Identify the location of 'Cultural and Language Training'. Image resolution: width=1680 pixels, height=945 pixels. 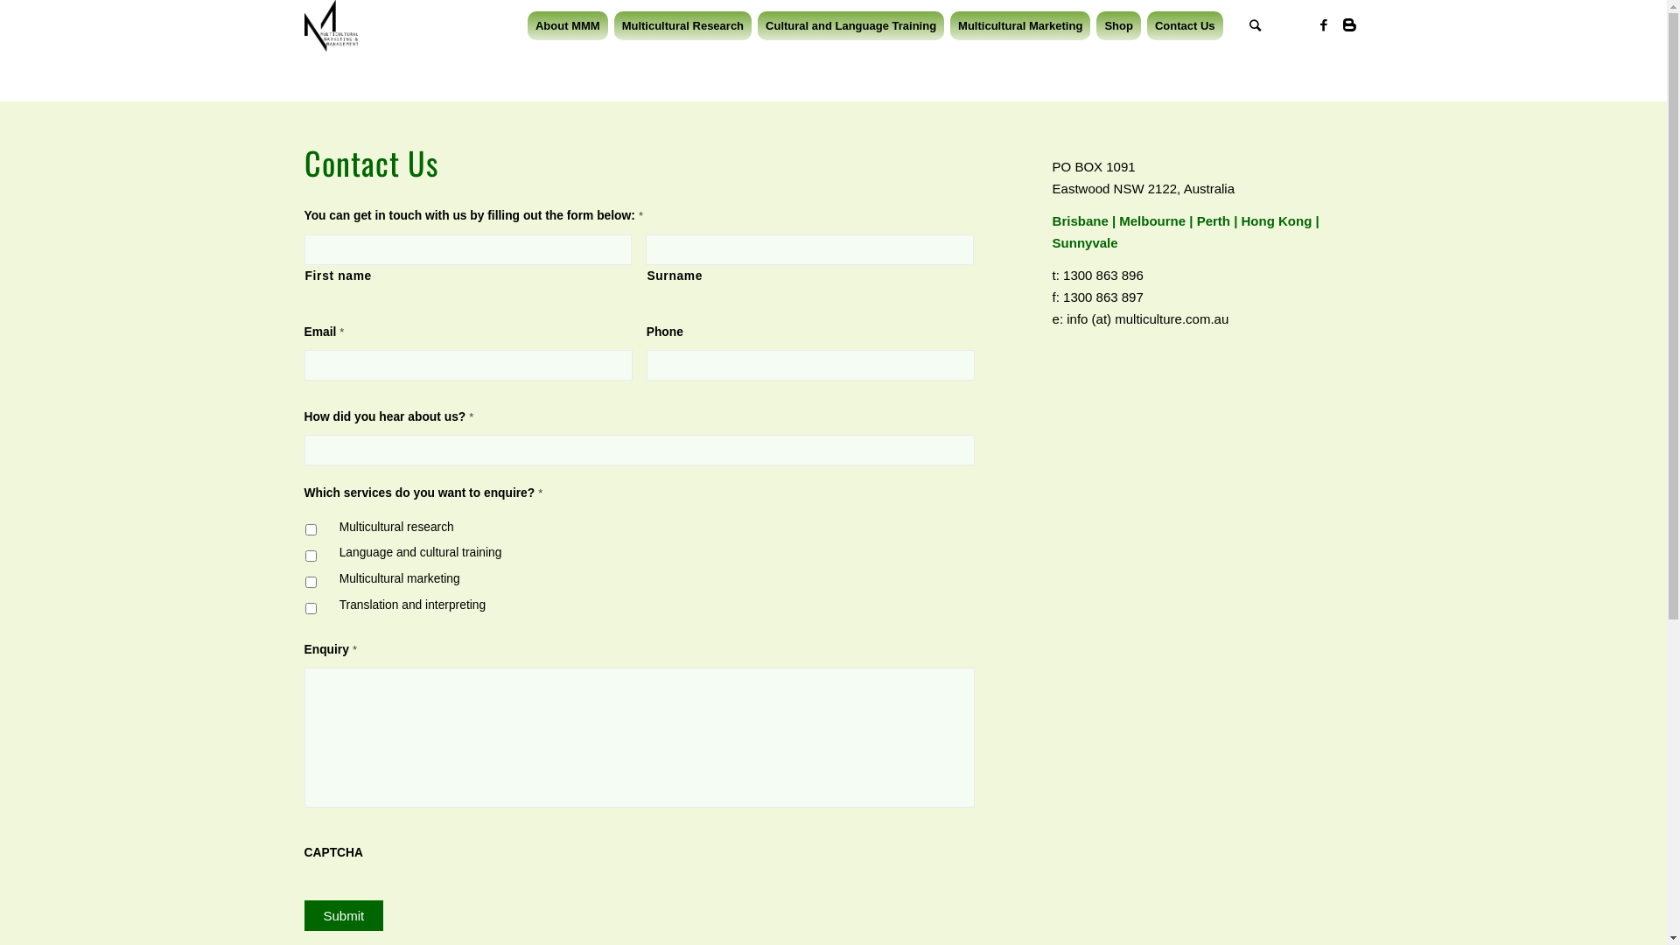
(857, 25).